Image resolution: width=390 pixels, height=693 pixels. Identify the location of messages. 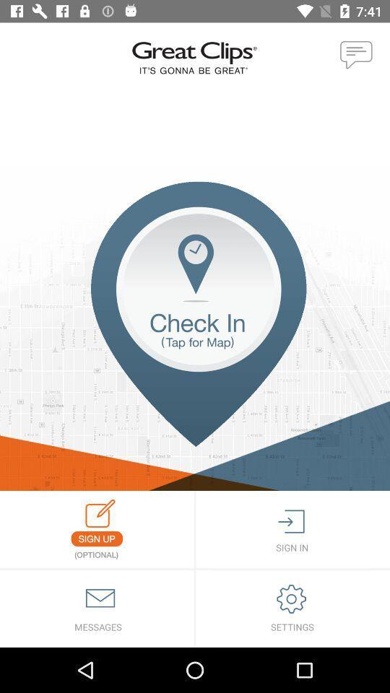
(97, 608).